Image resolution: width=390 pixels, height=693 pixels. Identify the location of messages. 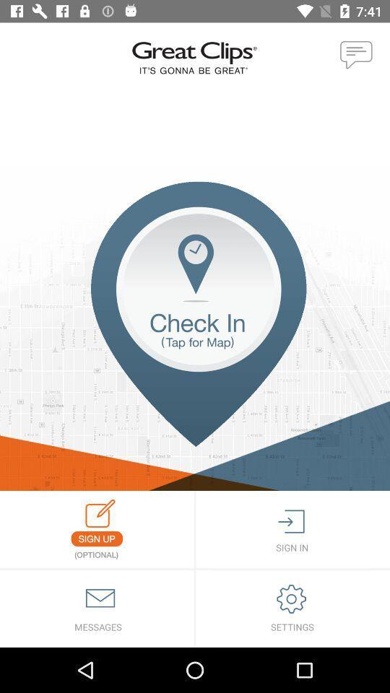
(97, 608).